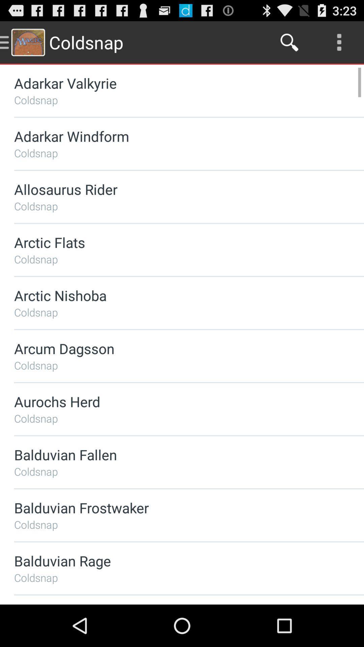 The height and width of the screenshot is (647, 364). What do you see at coordinates (289, 42) in the screenshot?
I see `app to the right of the coldsnap item` at bounding box center [289, 42].